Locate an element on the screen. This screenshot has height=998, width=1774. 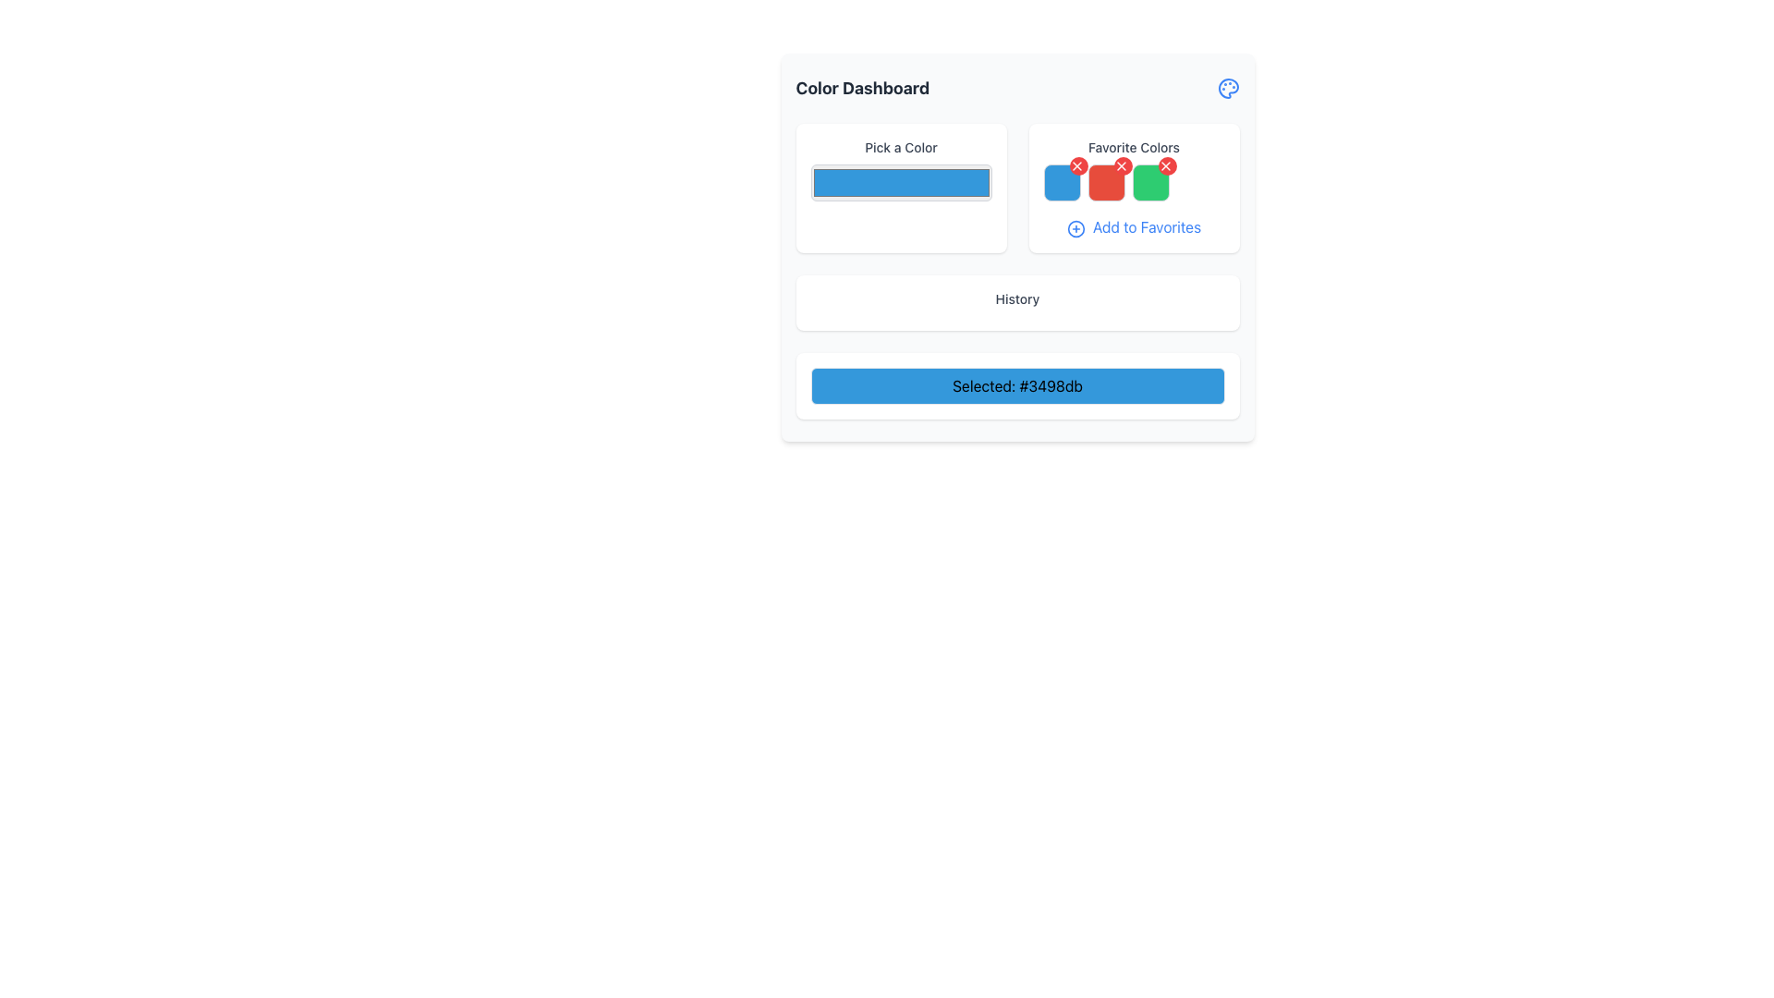
the first square (blue color) in the grid of favorite colors, which has a delete button for removing a color from favorites is located at coordinates (1062, 182).